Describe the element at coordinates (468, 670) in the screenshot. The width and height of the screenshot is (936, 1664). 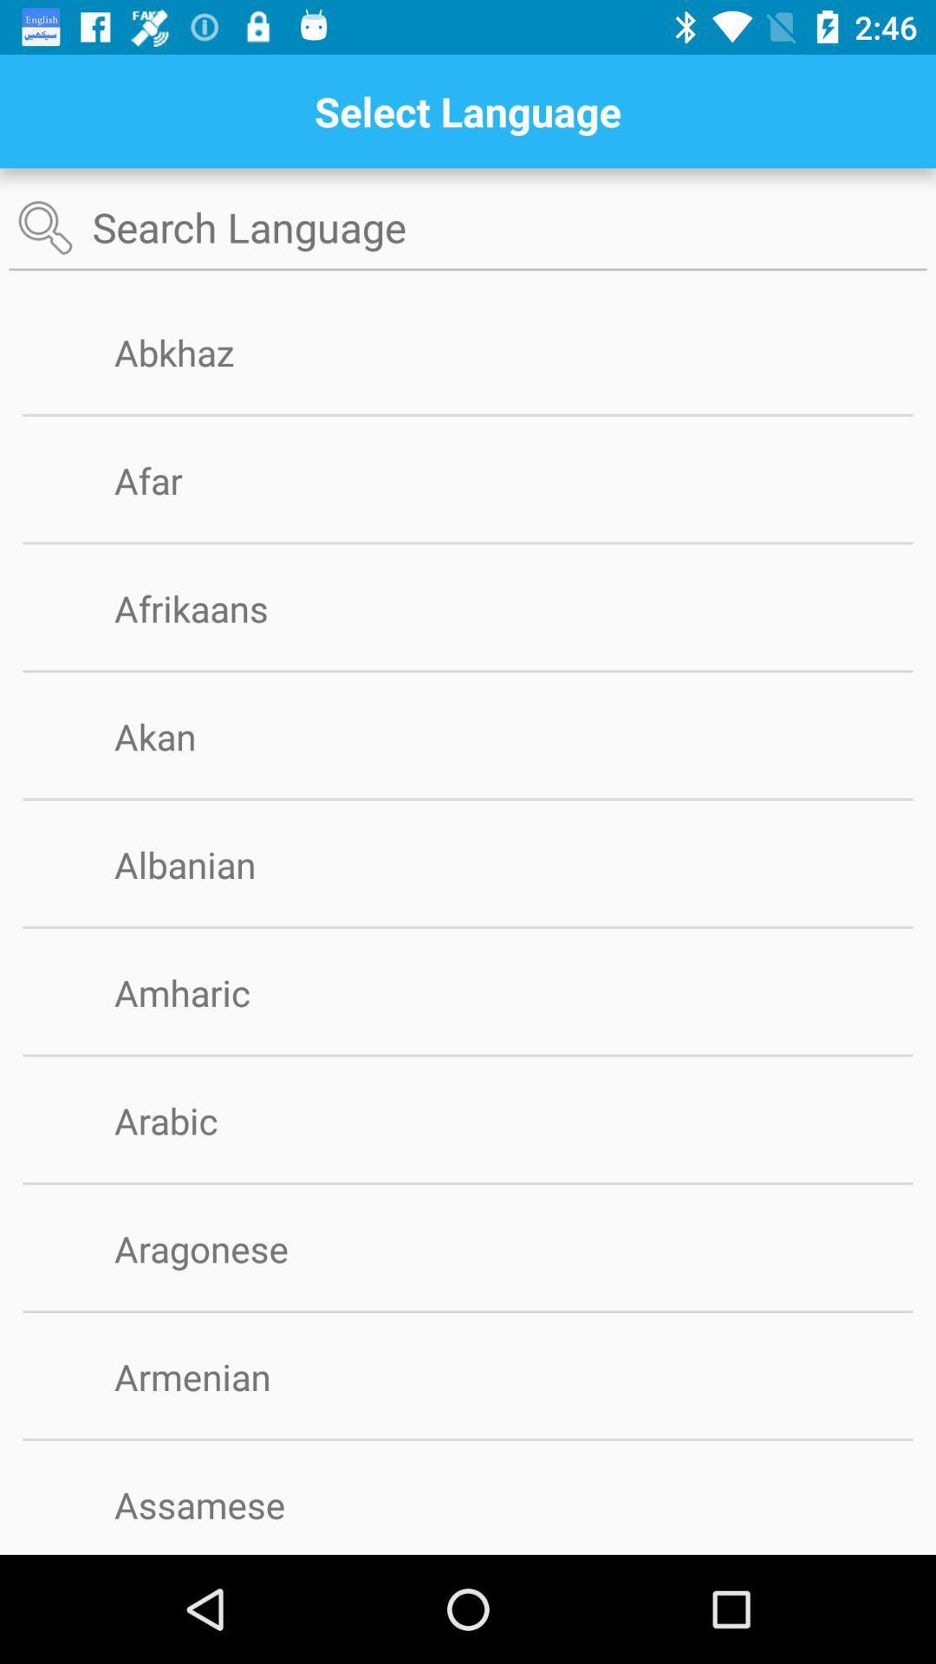
I see `the icon above the akan` at that location.